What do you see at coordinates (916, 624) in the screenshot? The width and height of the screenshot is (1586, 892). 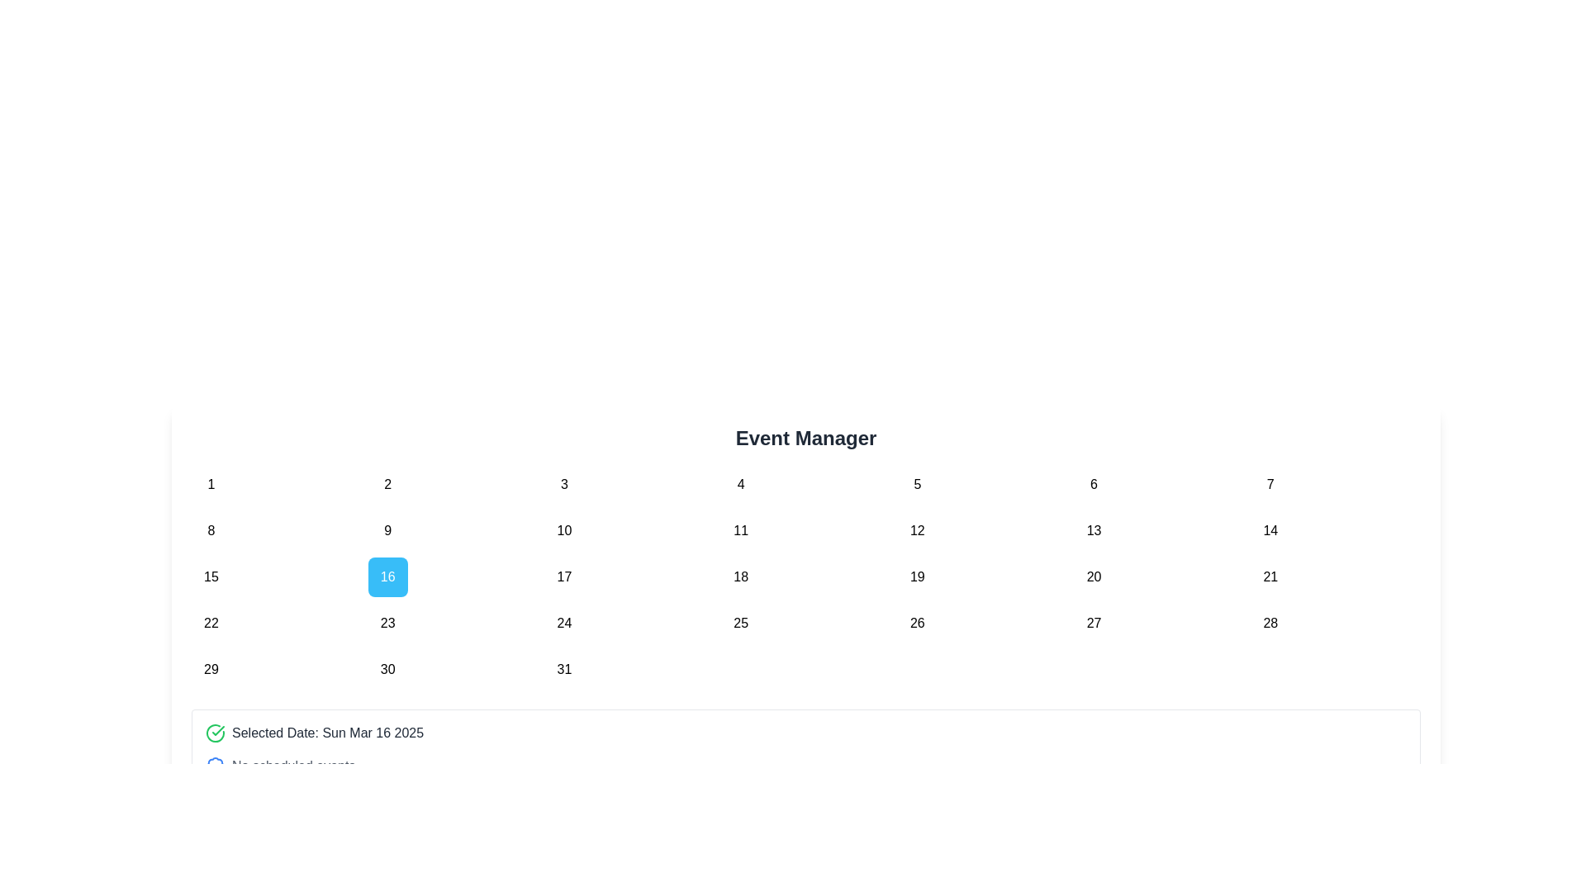 I see `the selectable calendar date button located in the fourth row, fifth cell of the calendar grid, positioned between the numbers '25' and '27'` at bounding box center [916, 624].